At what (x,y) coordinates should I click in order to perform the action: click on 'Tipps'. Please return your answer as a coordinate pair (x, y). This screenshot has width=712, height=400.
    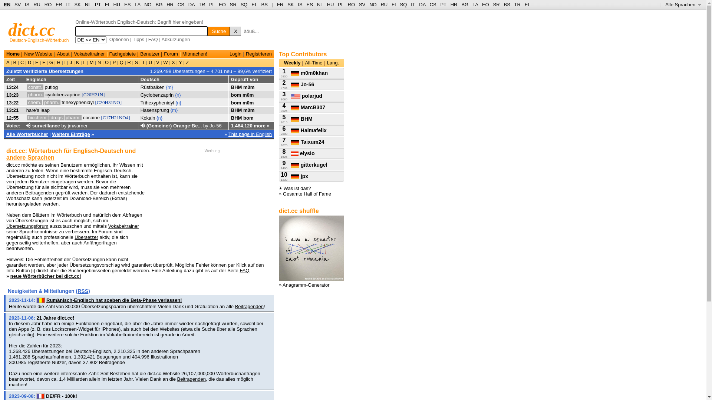
    Looking at the image, I should click on (138, 39).